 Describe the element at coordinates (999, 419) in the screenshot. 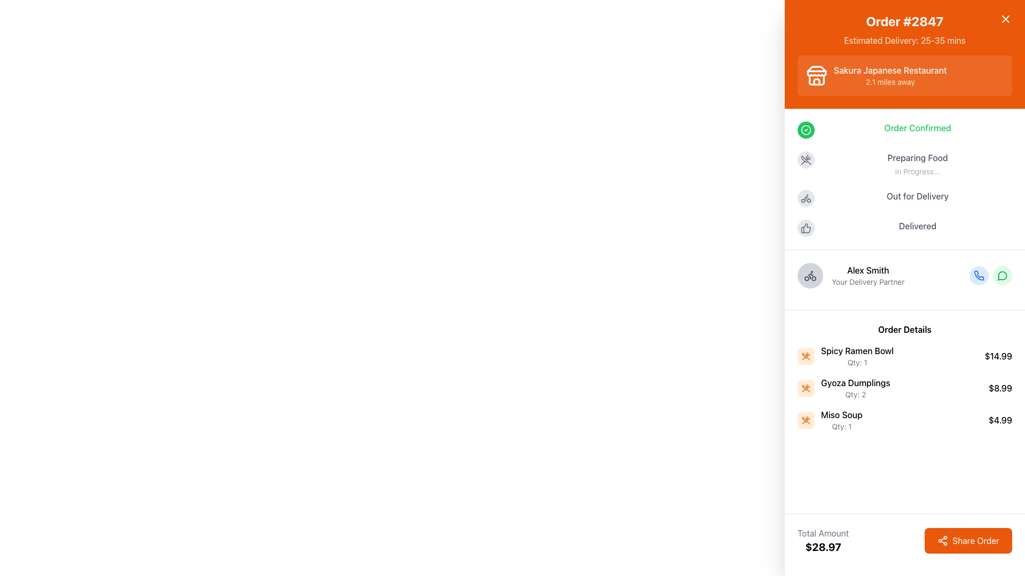

I see `the static text label displaying the cost of 'Miso Soup', located at the far-right of its row adjacent to the quantity` at that location.